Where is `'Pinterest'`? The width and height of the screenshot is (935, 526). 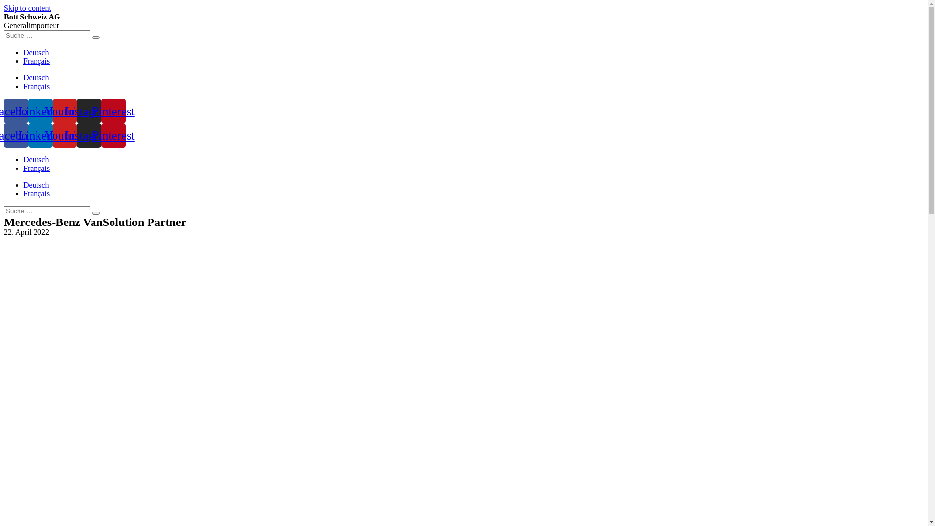 'Pinterest' is located at coordinates (101, 110).